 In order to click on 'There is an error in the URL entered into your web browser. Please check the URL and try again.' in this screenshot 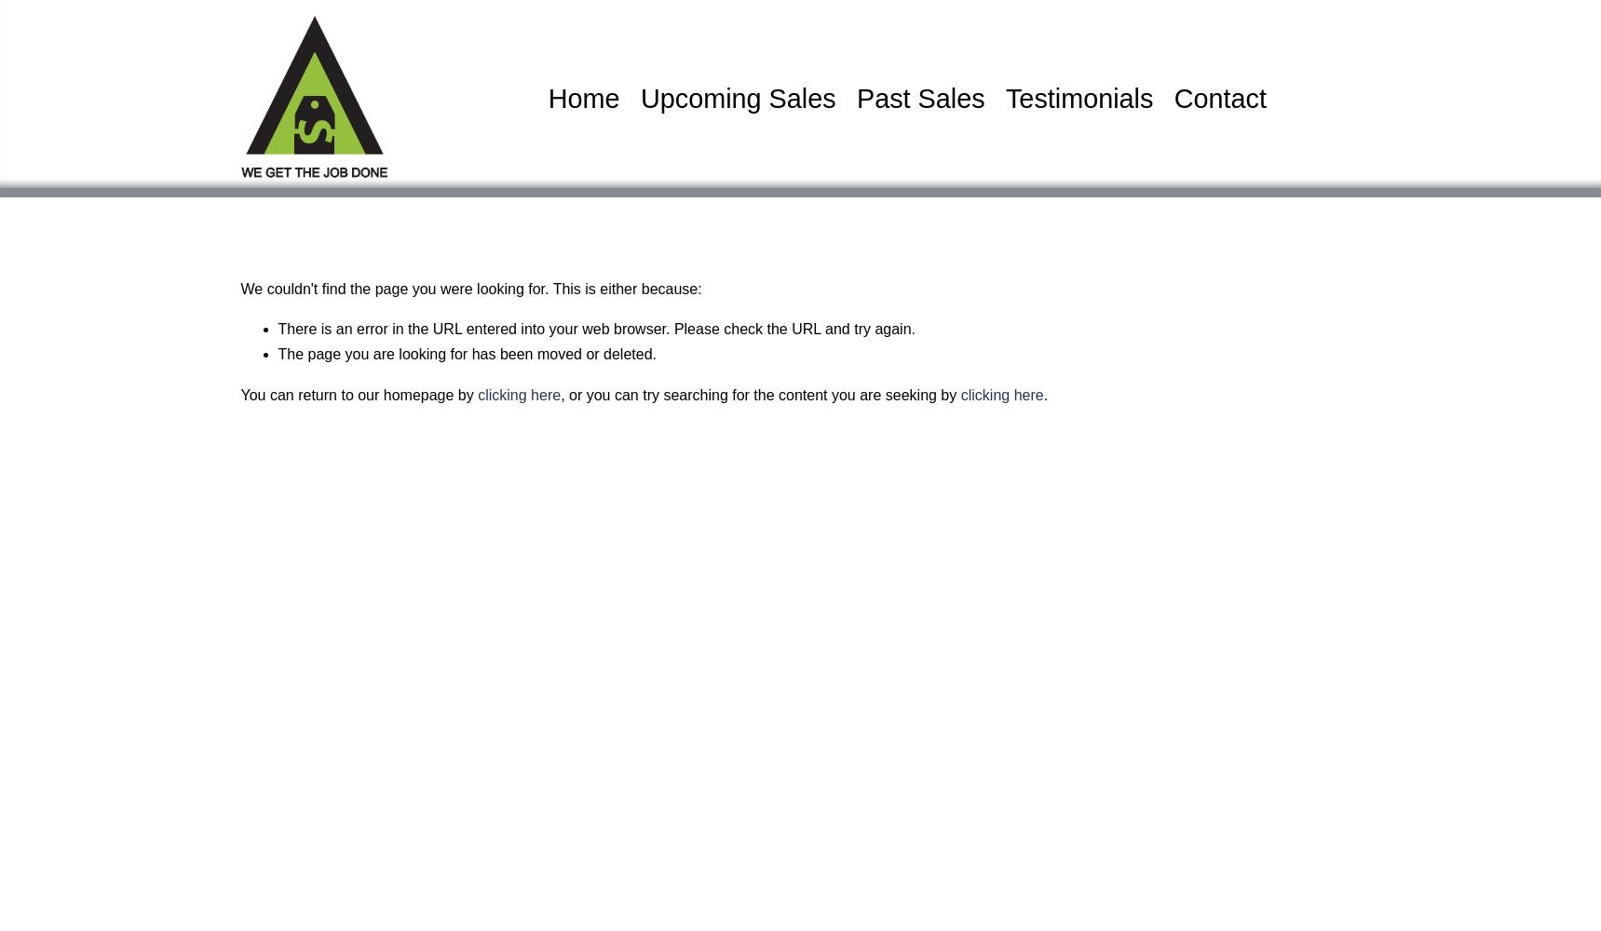, I will do `click(595, 328)`.